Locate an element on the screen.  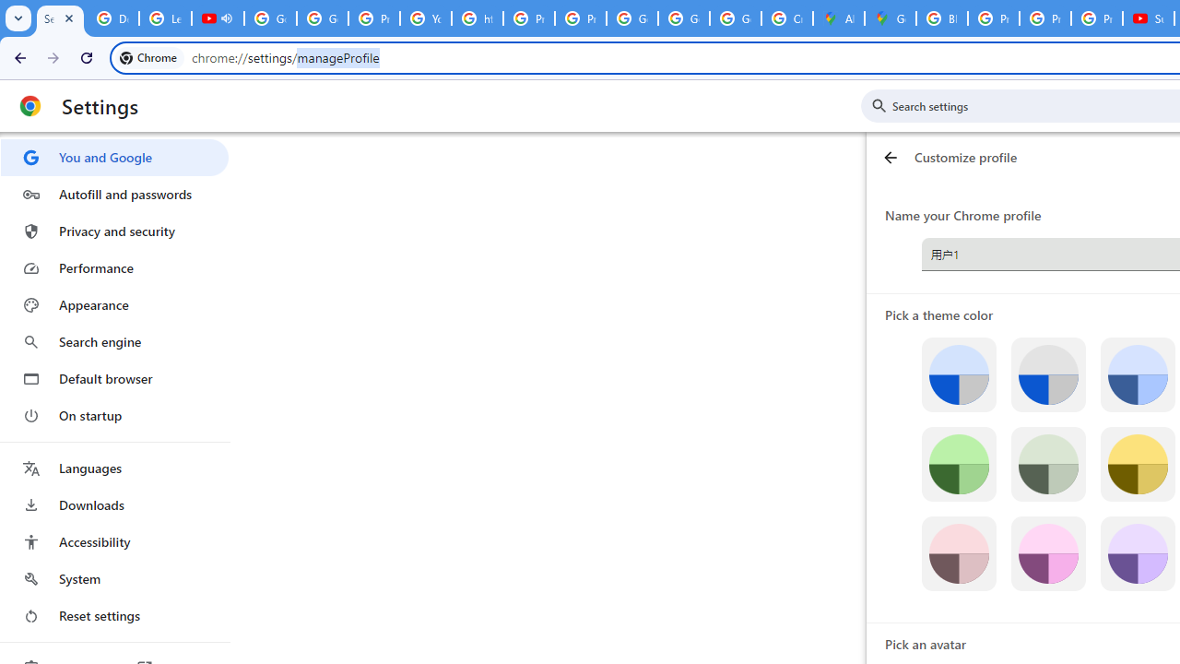
'Languages' is located at coordinates (113, 467).